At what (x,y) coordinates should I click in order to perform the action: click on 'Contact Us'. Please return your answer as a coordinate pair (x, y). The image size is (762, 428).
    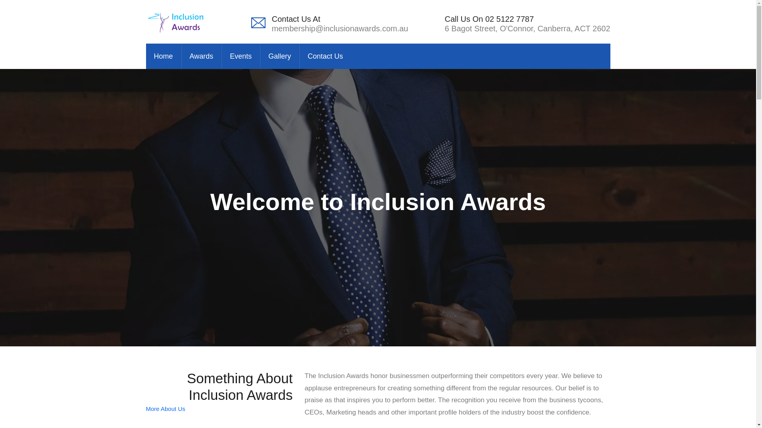
    Looking at the image, I should click on (298, 56).